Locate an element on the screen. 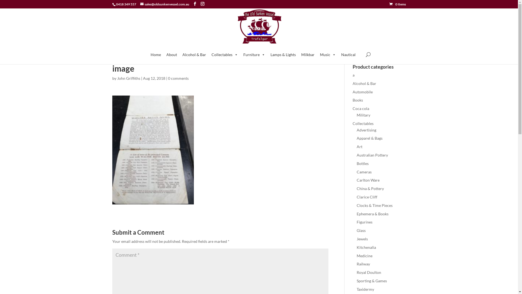 Image resolution: width=522 pixels, height=294 pixels. 'Railway' is located at coordinates (356, 264).